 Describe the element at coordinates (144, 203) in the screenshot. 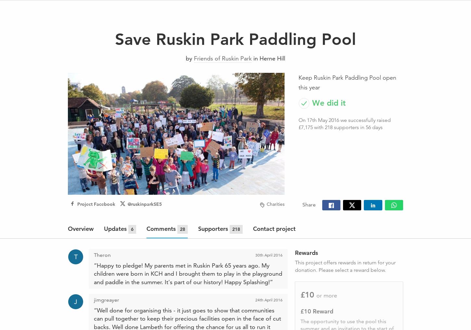

I see `'@ruskinparkSE5'` at that location.